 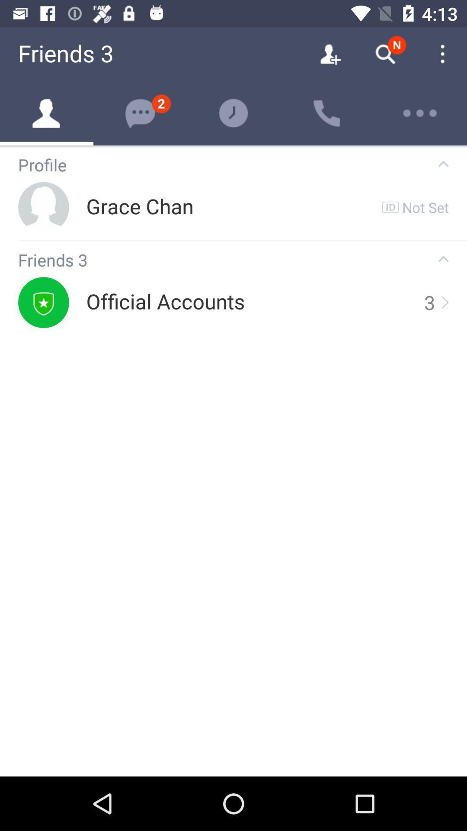 What do you see at coordinates (420, 113) in the screenshot?
I see `the more icon` at bounding box center [420, 113].